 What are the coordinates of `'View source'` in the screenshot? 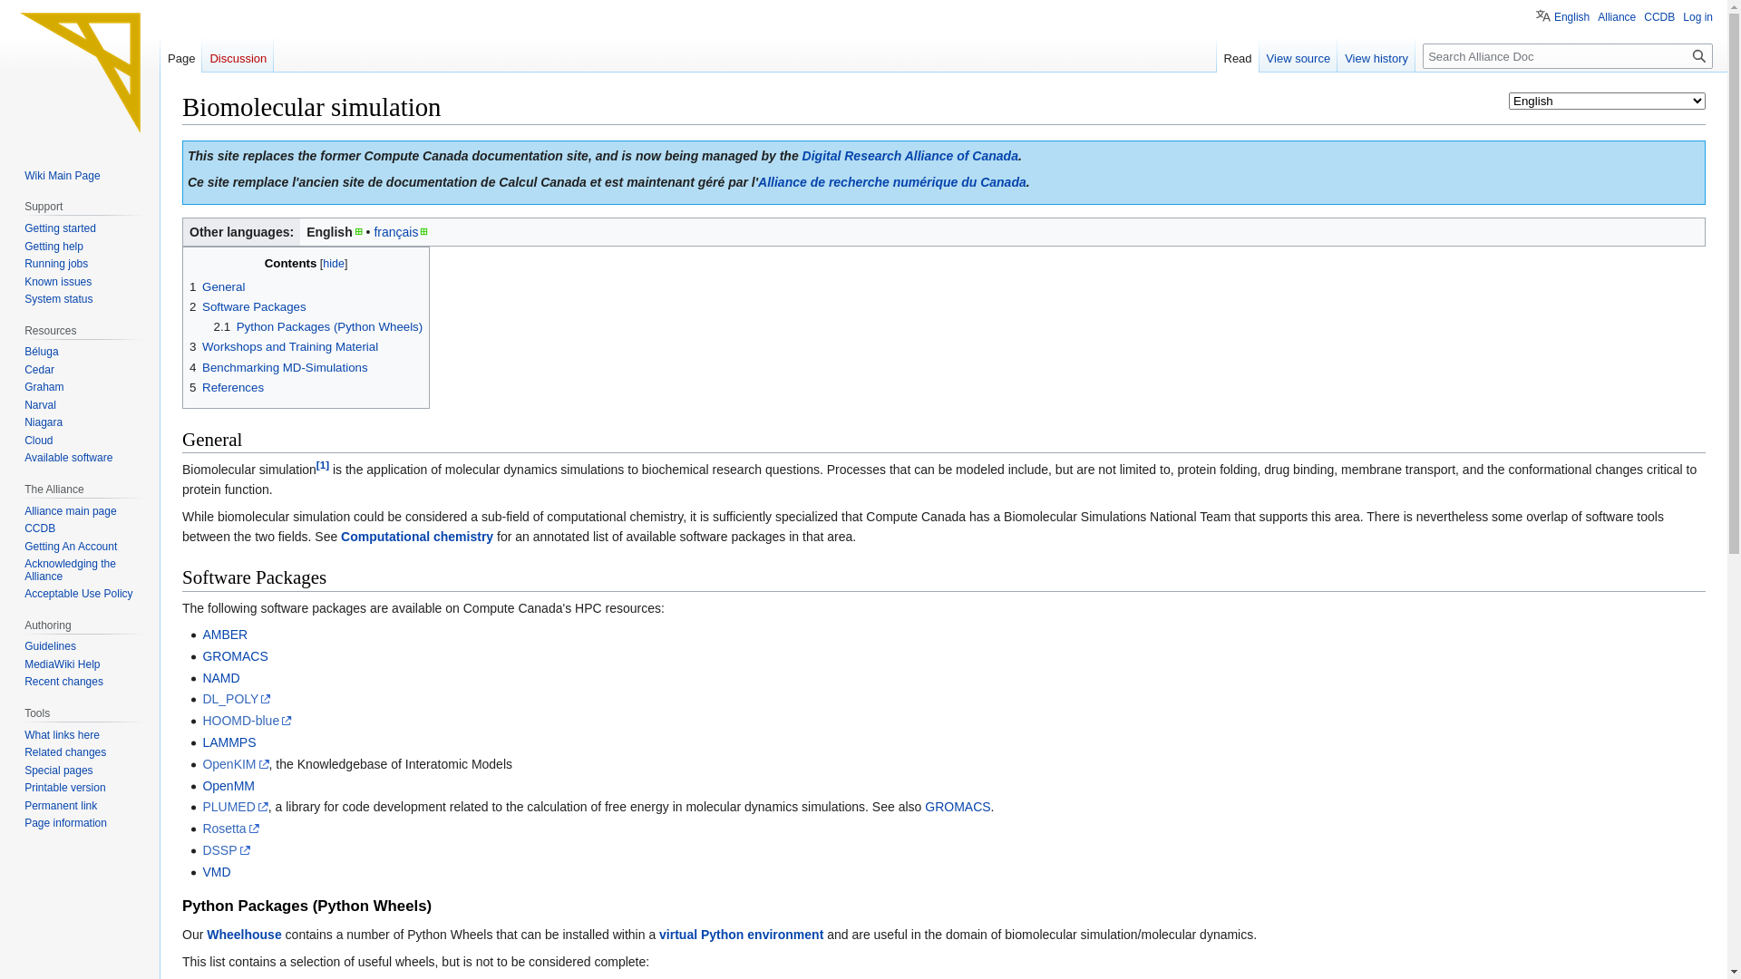 It's located at (1298, 53).